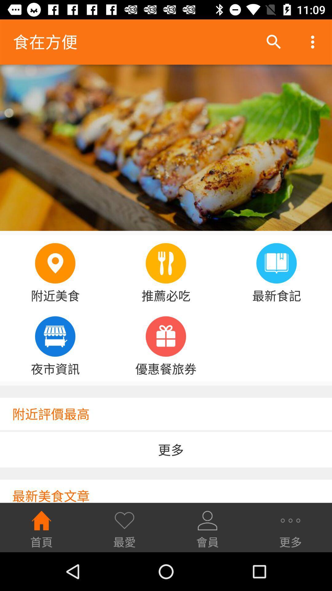 The image size is (332, 591). I want to click on the food icon which is below the image, so click(165, 263).